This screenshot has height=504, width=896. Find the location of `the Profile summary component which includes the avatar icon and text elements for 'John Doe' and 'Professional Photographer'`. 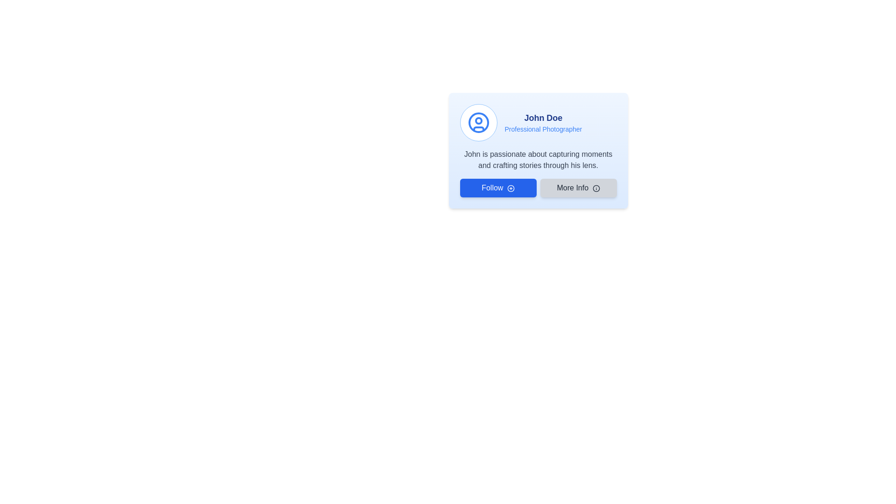

the Profile summary component which includes the avatar icon and text elements for 'John Doe' and 'Professional Photographer' is located at coordinates (538, 122).